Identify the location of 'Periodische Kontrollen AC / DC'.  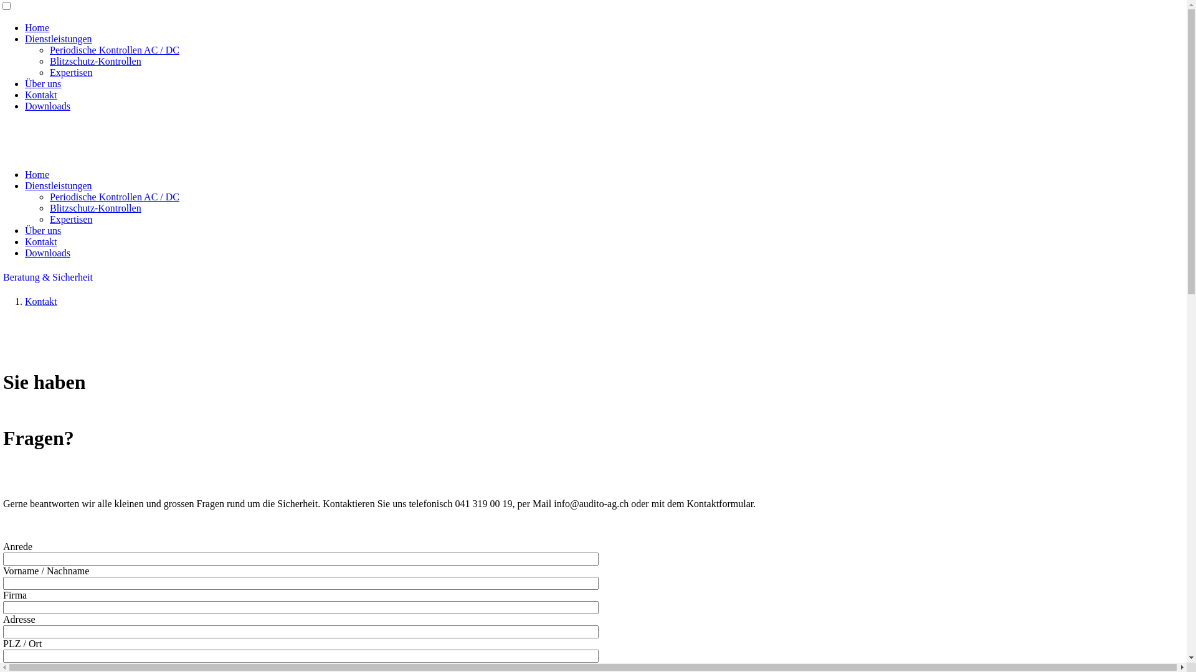
(114, 49).